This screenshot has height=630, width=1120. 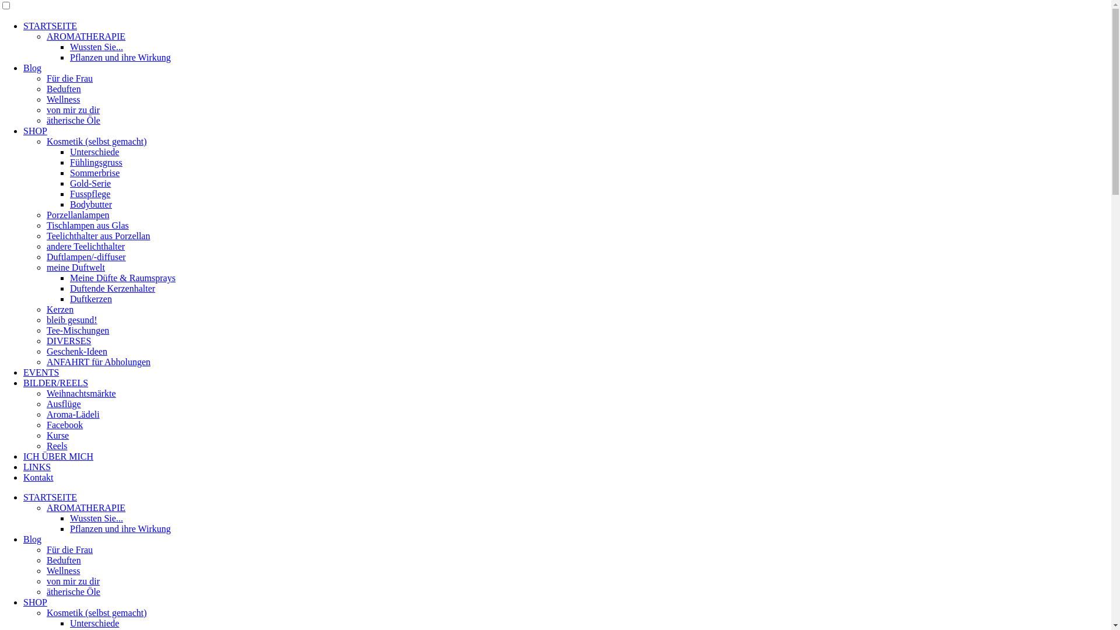 I want to click on 'Kerzen', so click(x=47, y=309).